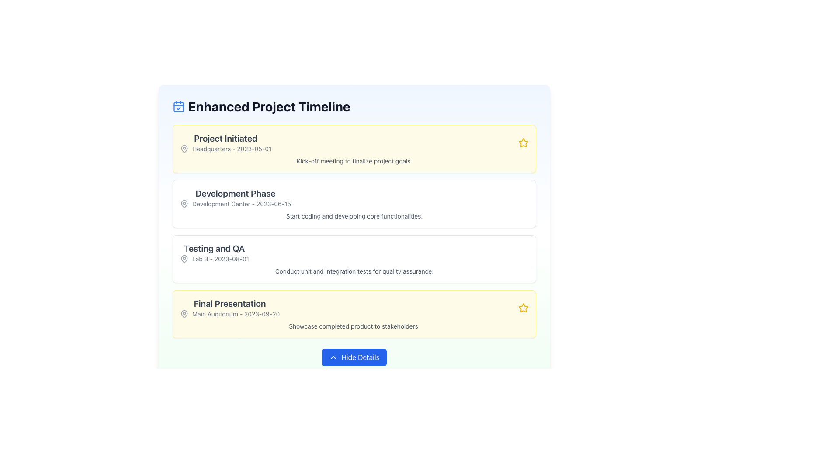 The height and width of the screenshot is (472, 839). Describe the element at coordinates (184, 148) in the screenshot. I see `the geographical location icon associated with the 'Project Initiated' event, located beside 'Headquarters - 2023-05-01' in the timeline interface` at that location.